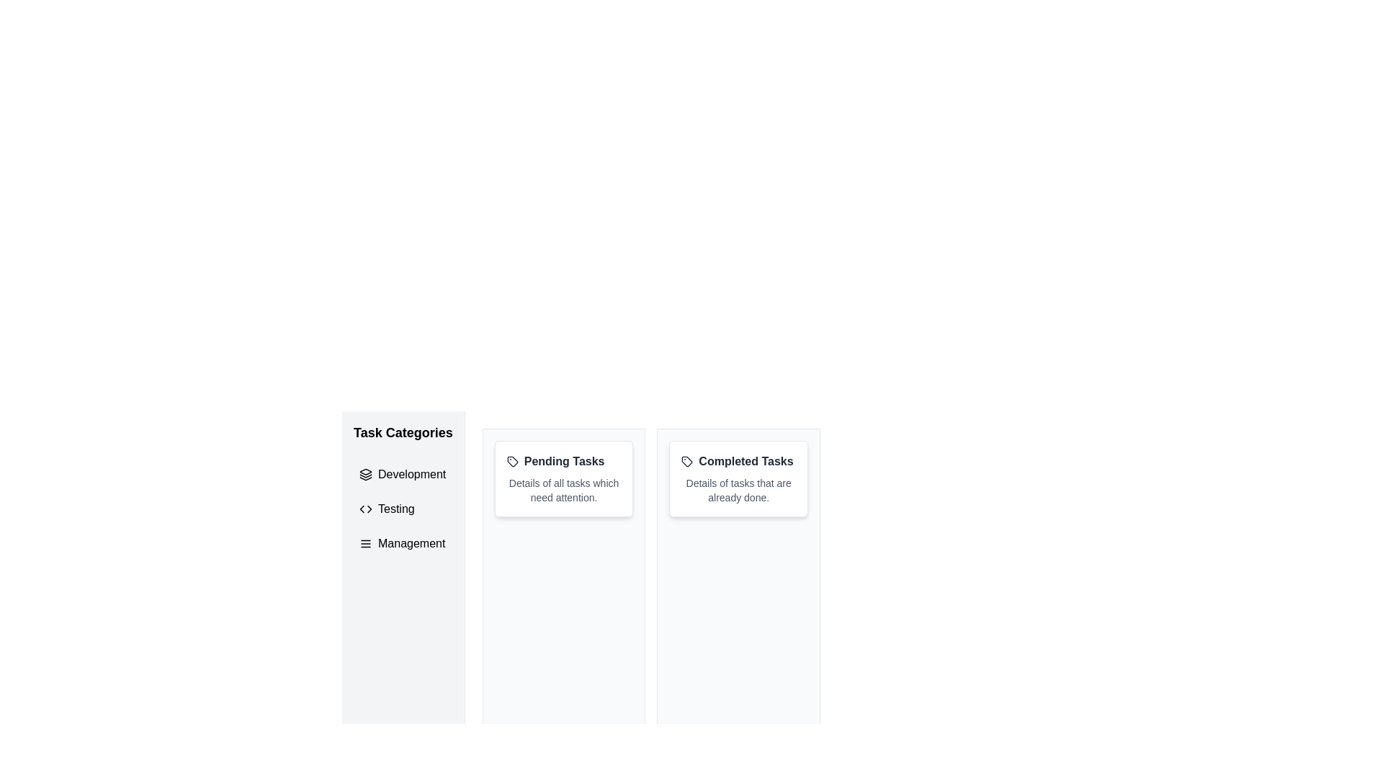 This screenshot has width=1383, height=778. Describe the element at coordinates (396, 508) in the screenshot. I see `the text label reading 'Testing' located in the 'Task Categories' section, positioned between 'Development' and 'Management'` at that location.